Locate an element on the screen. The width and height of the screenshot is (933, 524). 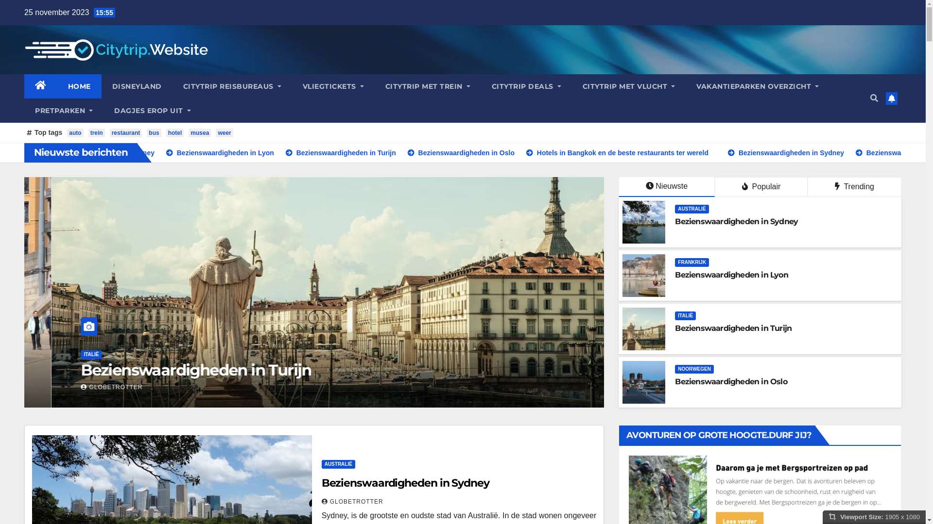
'CITYTRIP MET TREIN' is located at coordinates (374, 85).